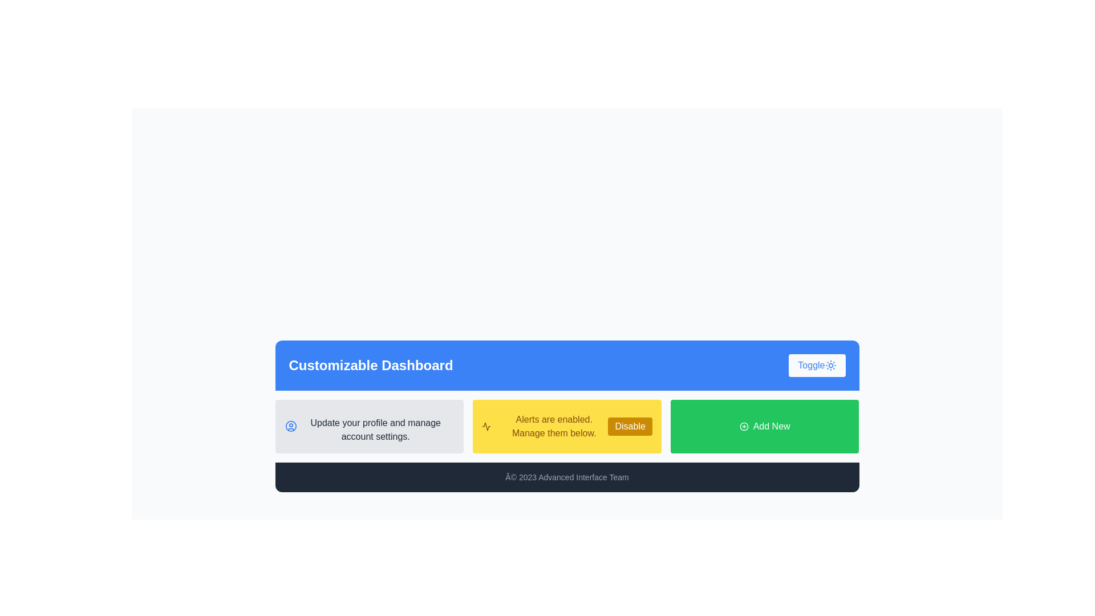 The height and width of the screenshot is (616, 1095). What do you see at coordinates (772, 427) in the screenshot?
I see `the 'Add New' text label on the green button located at the bottom-right corner of the interface` at bounding box center [772, 427].